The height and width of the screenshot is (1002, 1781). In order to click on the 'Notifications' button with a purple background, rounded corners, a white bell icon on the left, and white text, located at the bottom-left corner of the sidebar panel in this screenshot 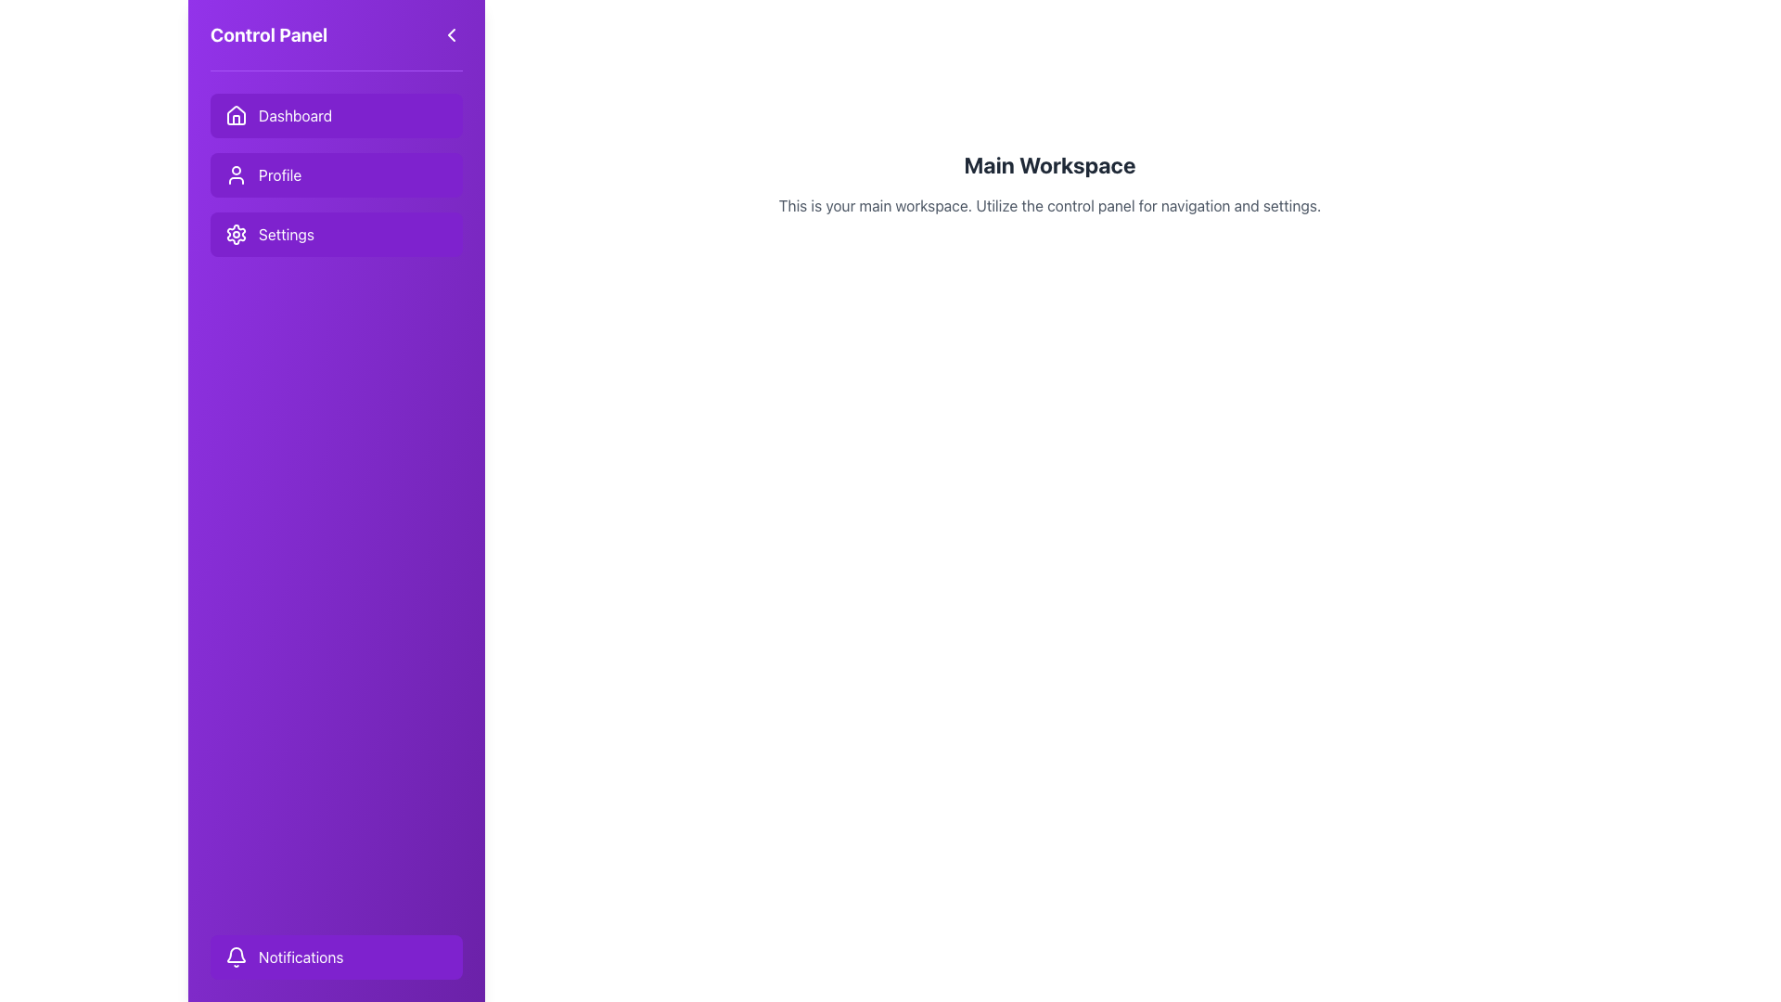, I will do `click(337, 957)`.